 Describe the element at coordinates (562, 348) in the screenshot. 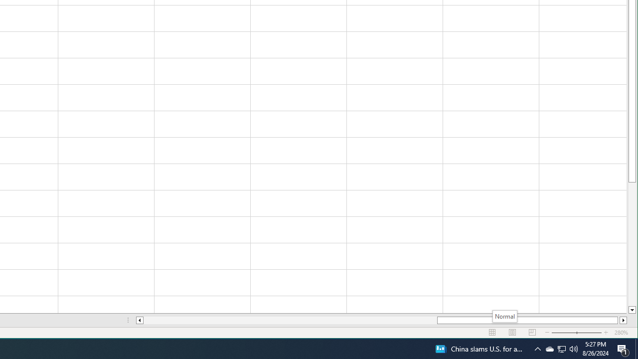

I see `'User Promoted Notification Area'` at that location.